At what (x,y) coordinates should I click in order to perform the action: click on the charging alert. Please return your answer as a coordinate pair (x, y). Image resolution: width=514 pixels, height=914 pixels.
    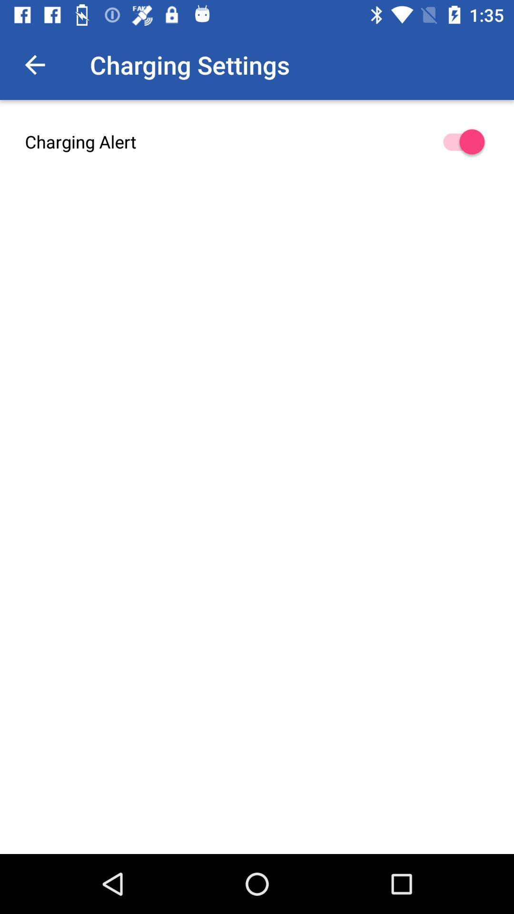
    Looking at the image, I should click on (257, 141).